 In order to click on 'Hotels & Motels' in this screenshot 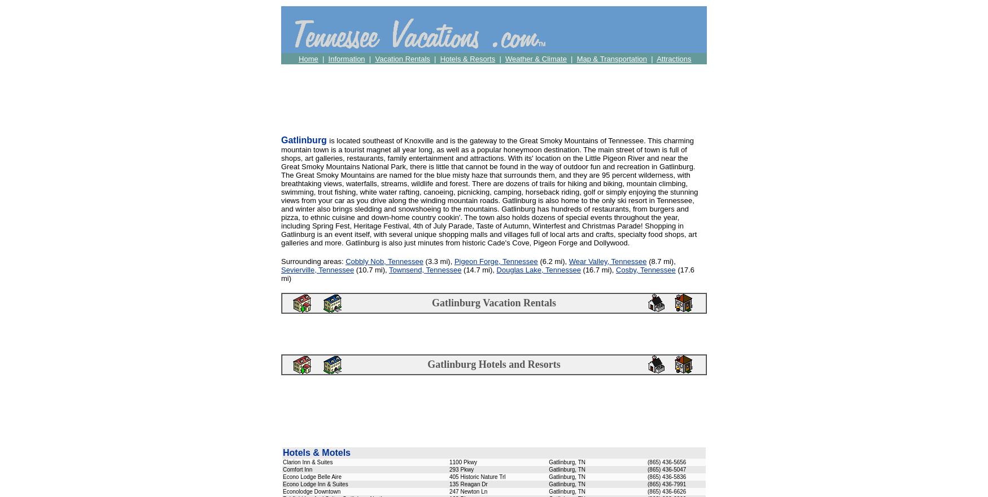, I will do `click(316, 452)`.